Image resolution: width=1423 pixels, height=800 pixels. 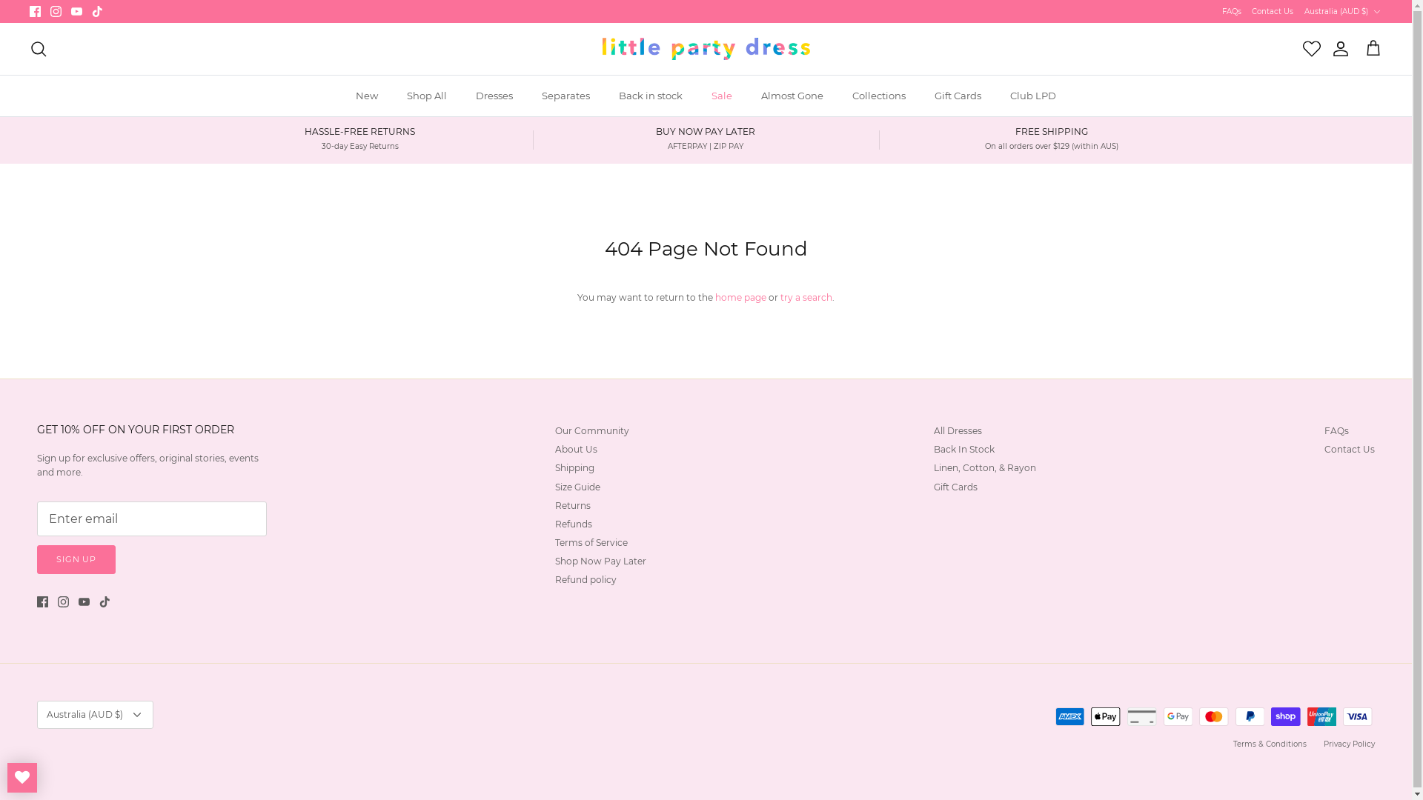 I want to click on 'SIGN UP', so click(x=36, y=559).